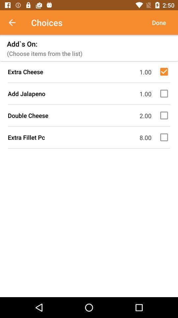 This screenshot has width=178, height=318. What do you see at coordinates (165, 115) in the screenshot?
I see `a box for choosing double cheese` at bounding box center [165, 115].